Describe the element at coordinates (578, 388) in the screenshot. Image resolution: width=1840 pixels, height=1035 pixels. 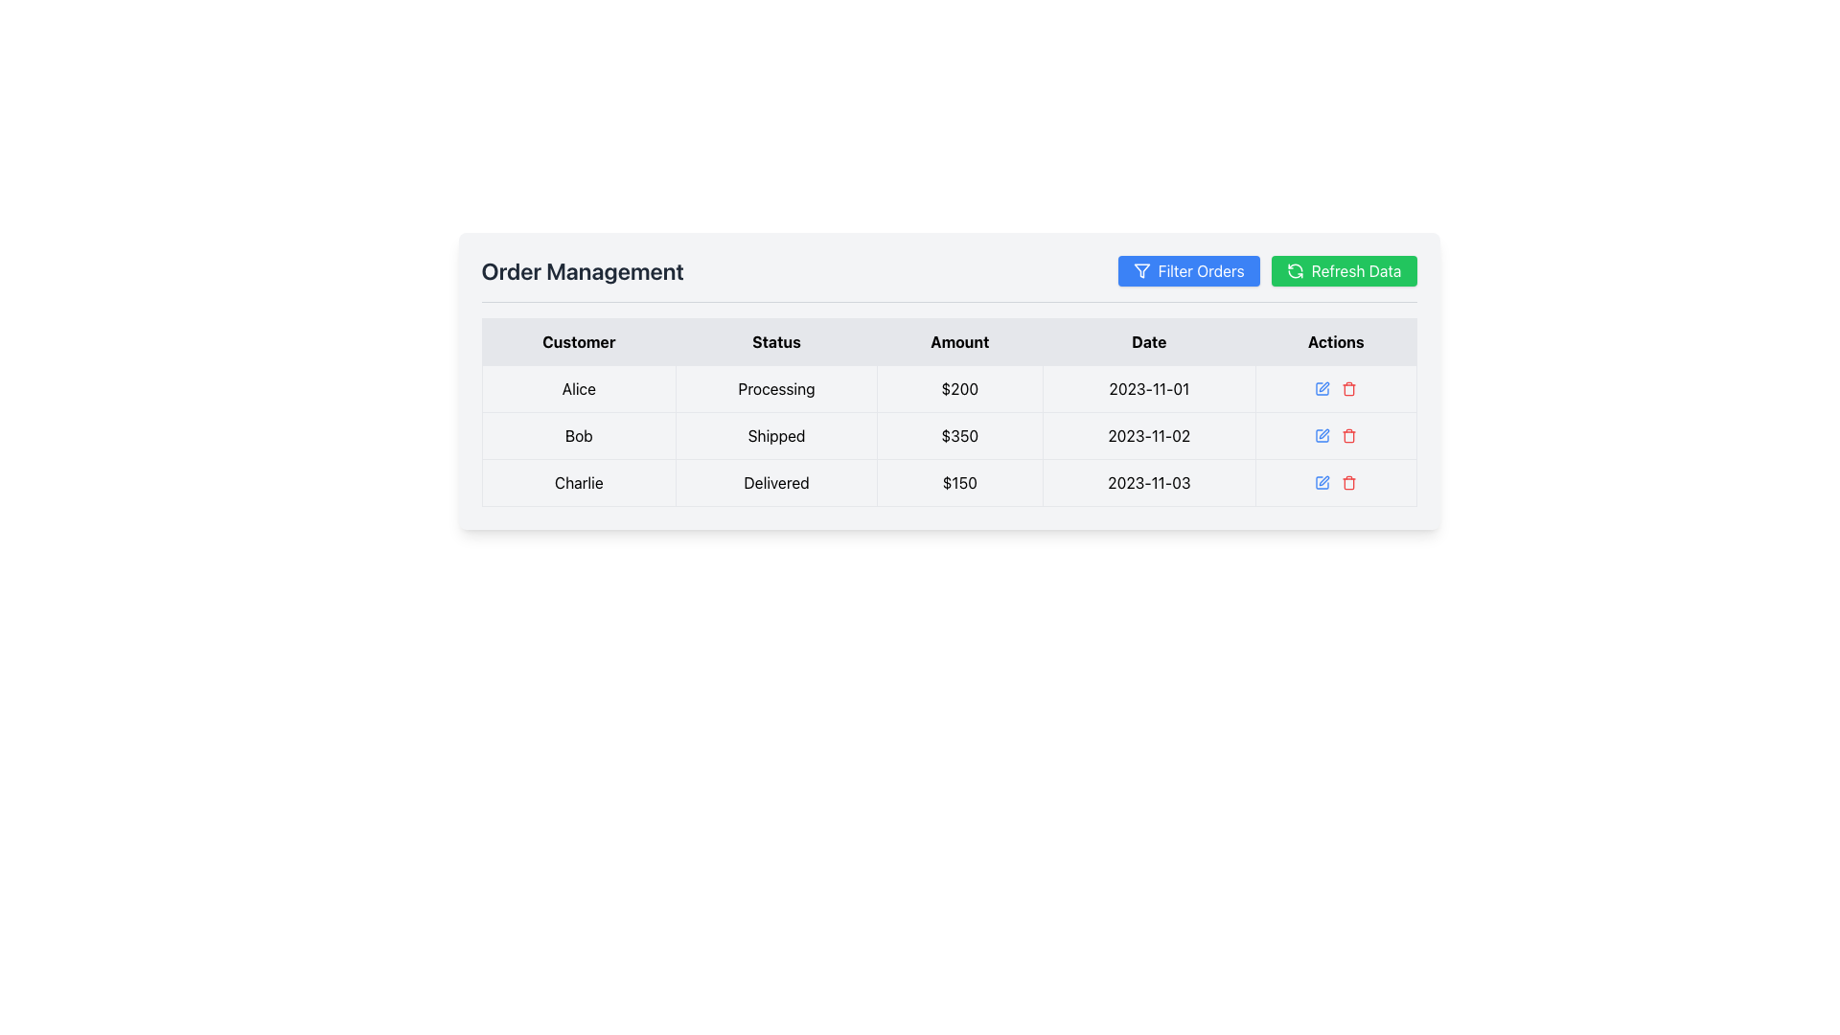
I see `the text label displaying 'Alice' in the first row under the 'Customer' column of the table` at that location.